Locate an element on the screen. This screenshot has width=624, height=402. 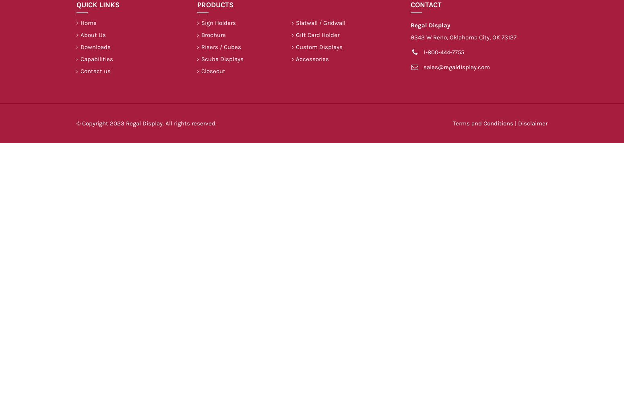
'Contact' is located at coordinates (426, 5).